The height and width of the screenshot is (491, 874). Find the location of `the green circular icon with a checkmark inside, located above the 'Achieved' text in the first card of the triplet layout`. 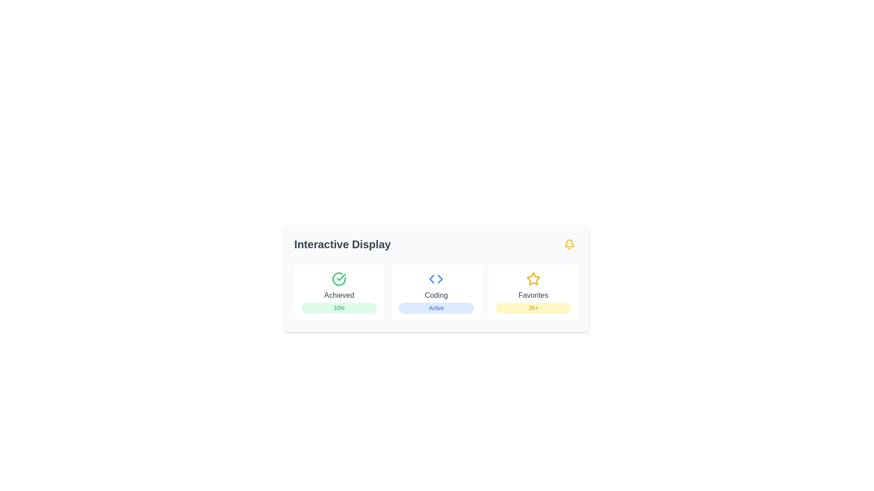

the green circular icon with a checkmark inside, located above the 'Achieved' text in the first card of the triplet layout is located at coordinates (339, 278).